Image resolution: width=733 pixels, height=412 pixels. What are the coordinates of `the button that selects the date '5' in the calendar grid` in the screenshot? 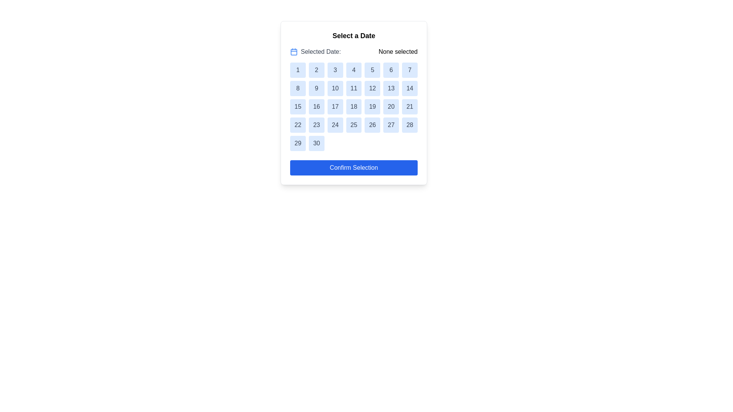 It's located at (372, 70).